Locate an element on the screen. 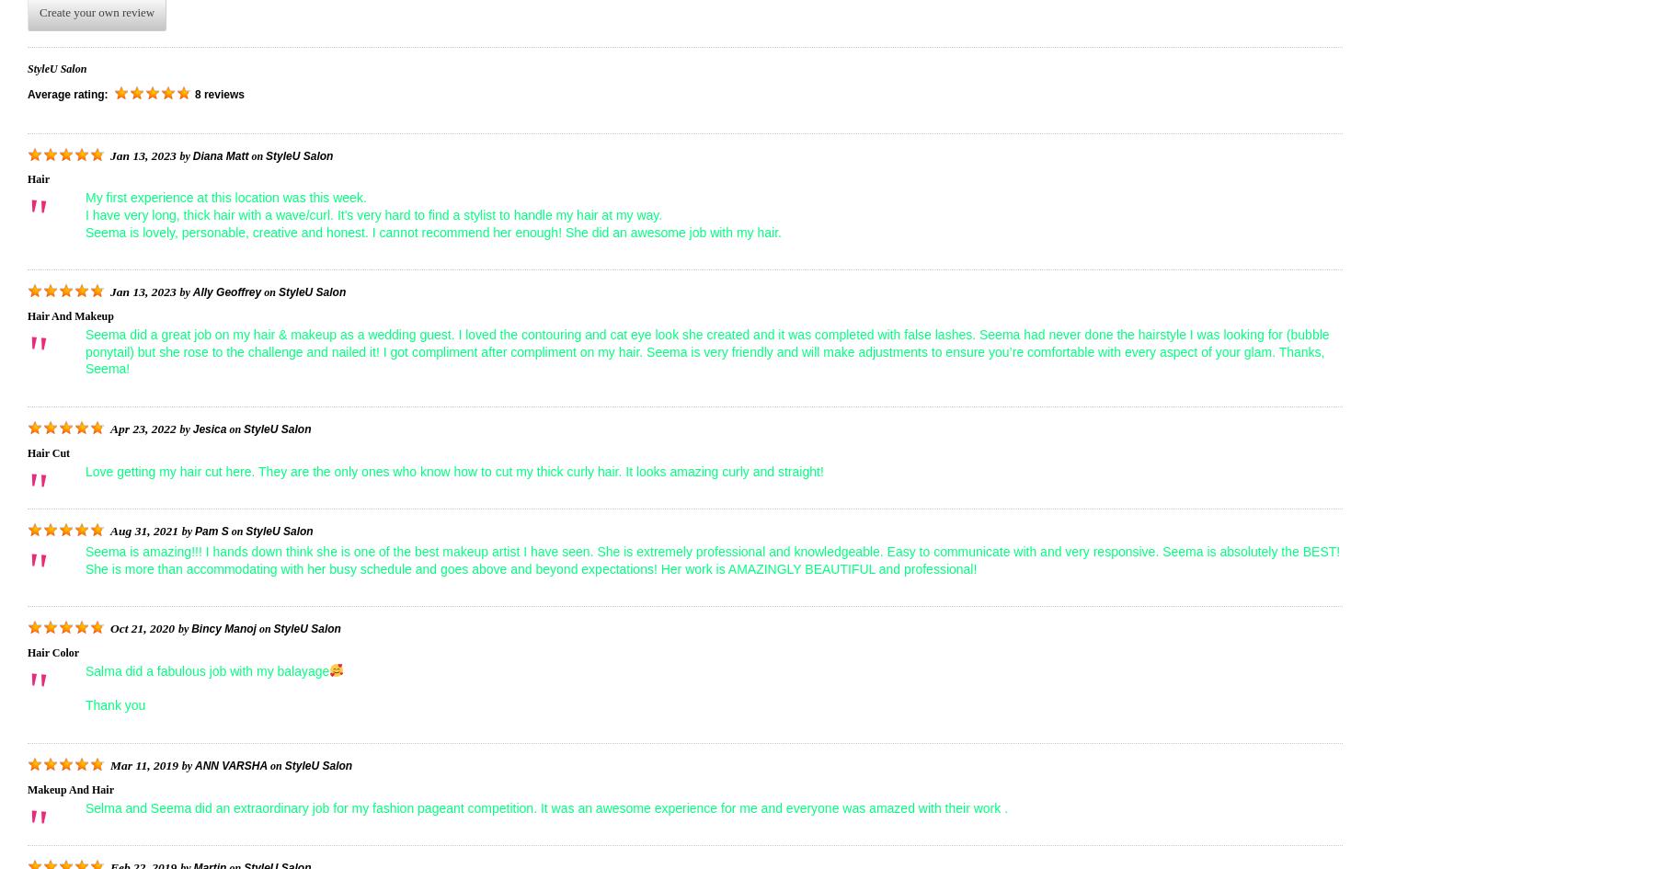 This screenshot has height=869, width=1660. 'Diana Matt' is located at coordinates (220, 154).